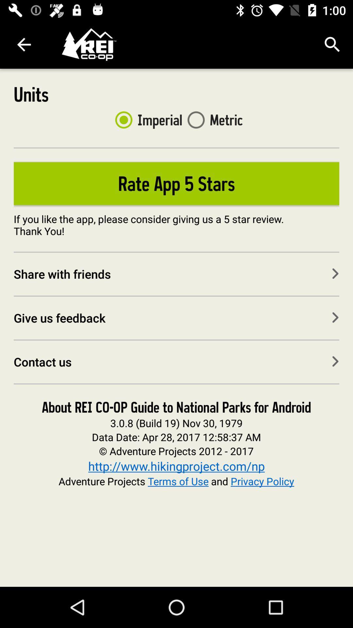 This screenshot has height=628, width=353. I want to click on the http www hikingproject icon, so click(176, 466).